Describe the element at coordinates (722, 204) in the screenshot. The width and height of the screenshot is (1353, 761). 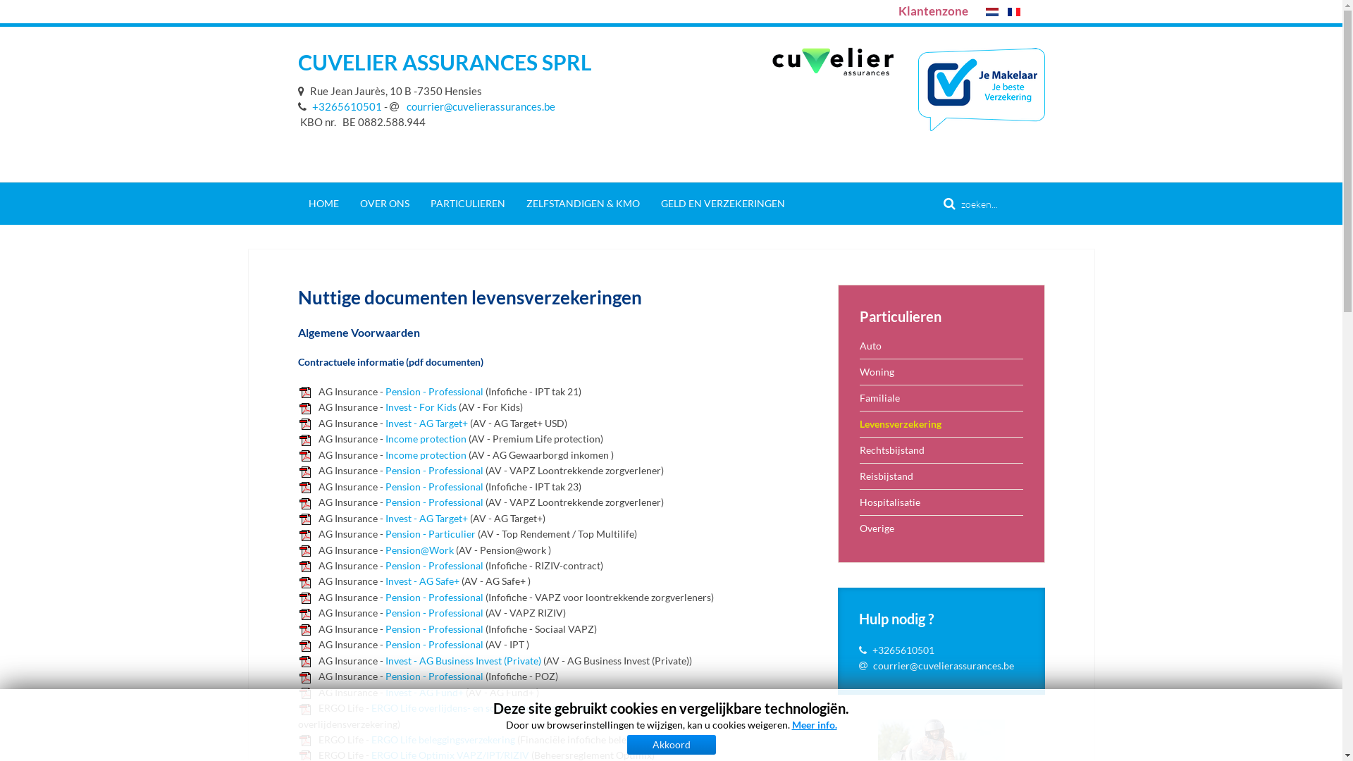
I see `'GELD EN VERZEKERINGEN'` at that location.